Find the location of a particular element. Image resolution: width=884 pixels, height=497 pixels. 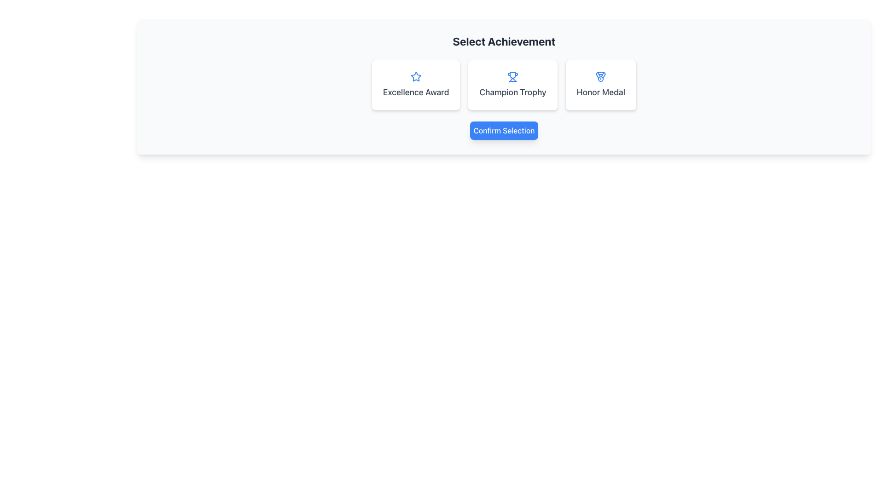

the 'Honor Medal' card, which is the third card in a horizontal set of three is located at coordinates (601, 85).